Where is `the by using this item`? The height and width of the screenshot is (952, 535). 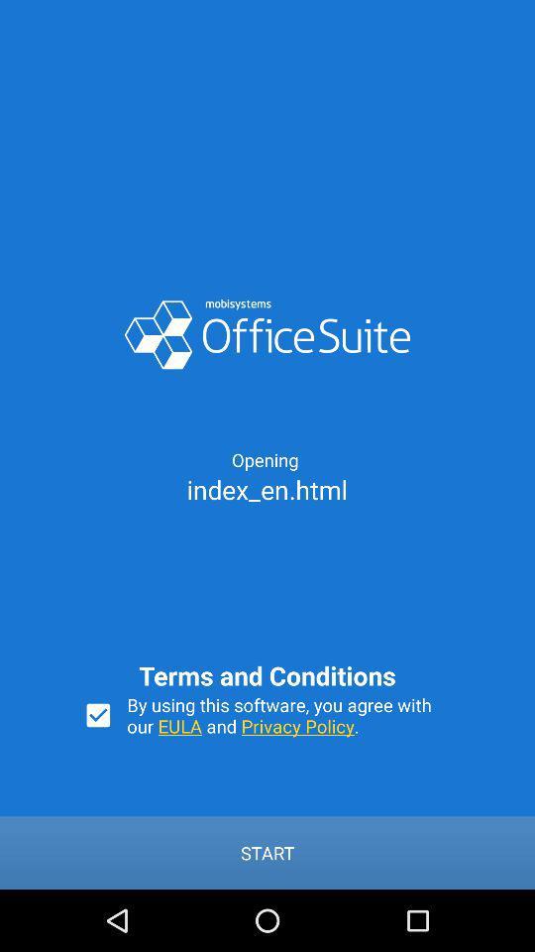
the by using this item is located at coordinates (288, 714).